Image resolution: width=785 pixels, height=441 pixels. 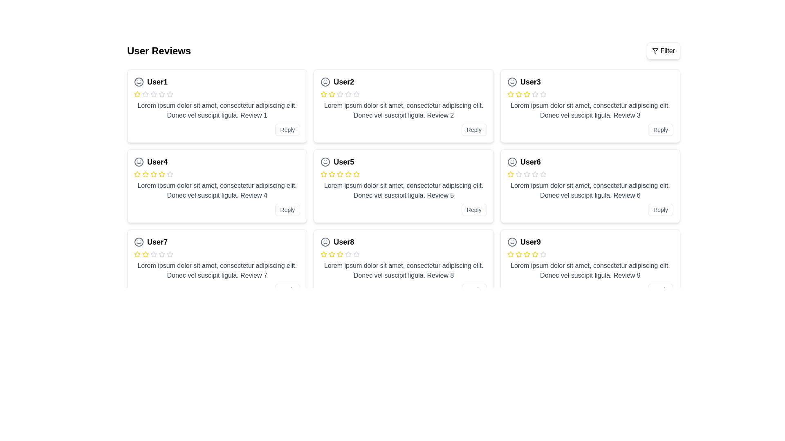 What do you see at coordinates (518, 94) in the screenshot?
I see `the third star icon in the five-star rating system within the review card for 'User3' for accessibility purposes` at bounding box center [518, 94].